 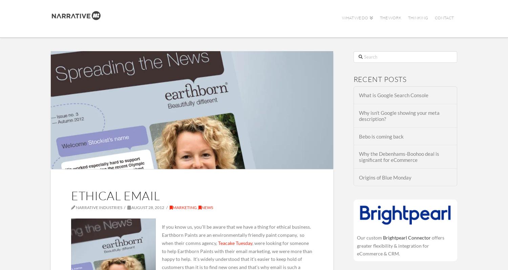 What do you see at coordinates (196, 207) in the screenshot?
I see `','` at bounding box center [196, 207].